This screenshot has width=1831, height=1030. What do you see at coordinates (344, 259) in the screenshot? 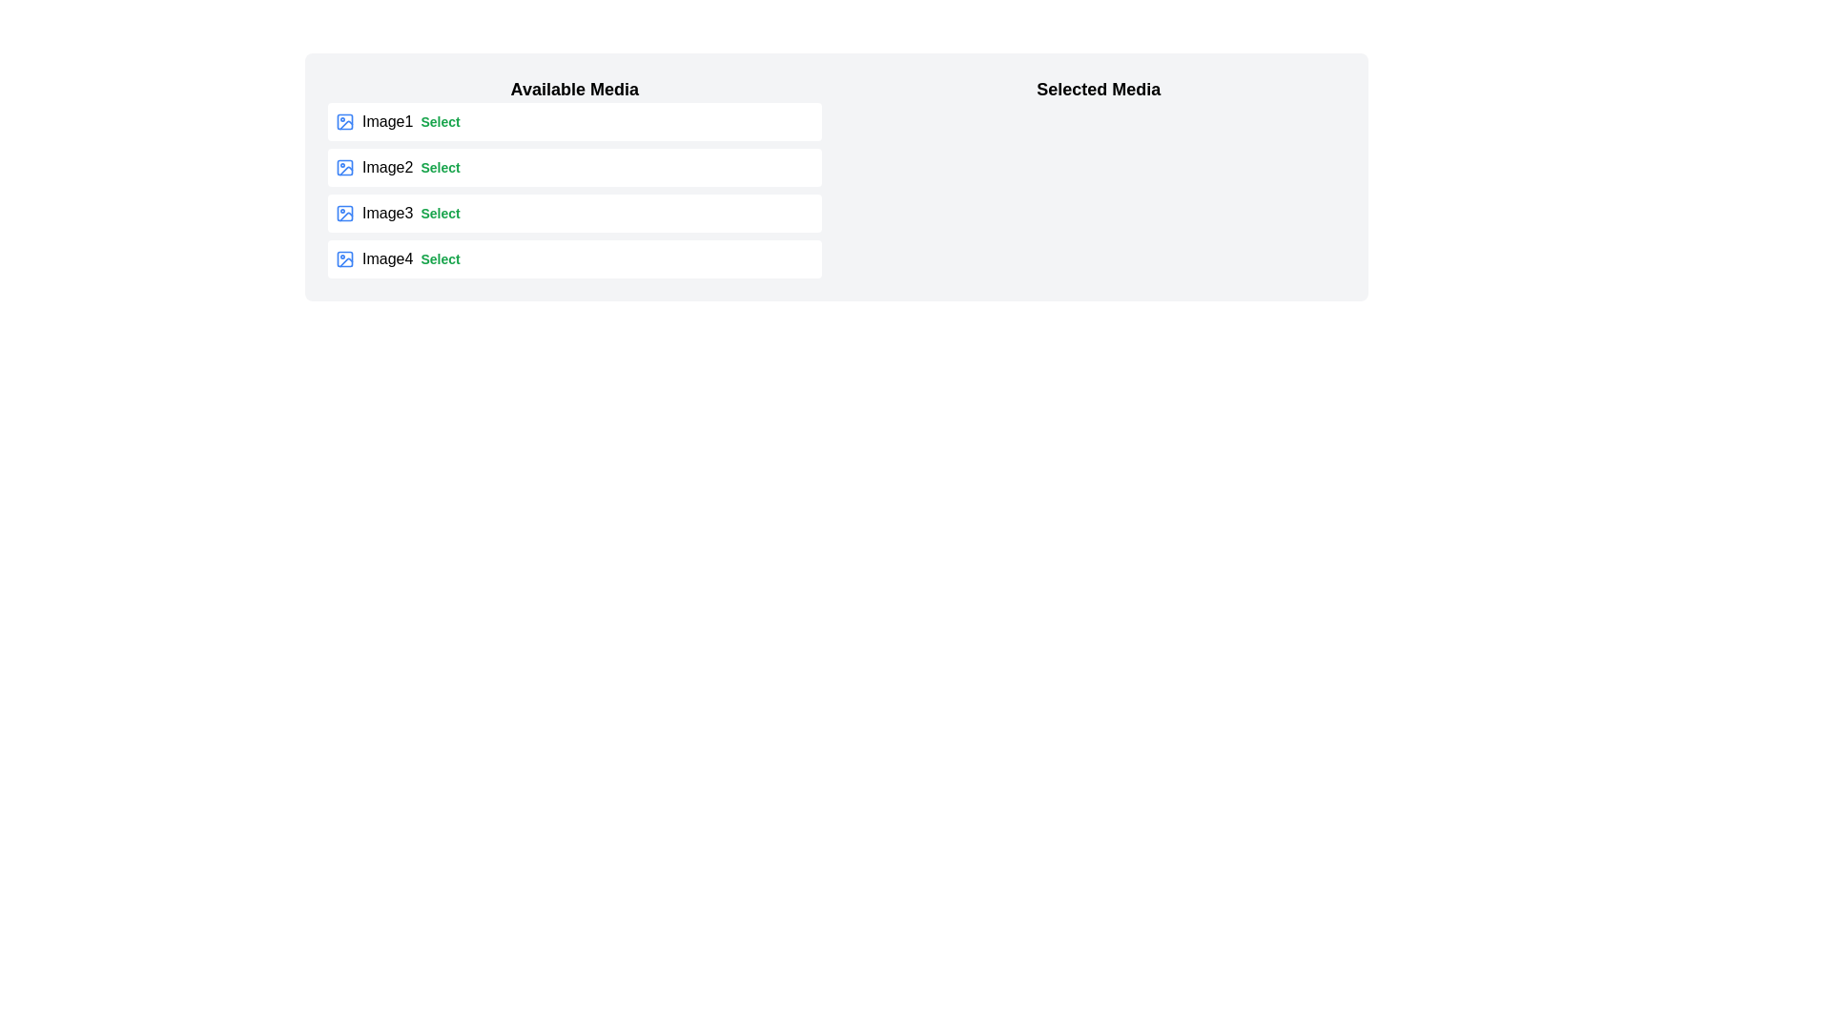
I see `the first SVG Shape element, which is a rounded rectangle located in the fourth row of the media list under 'Available Media'` at bounding box center [344, 259].